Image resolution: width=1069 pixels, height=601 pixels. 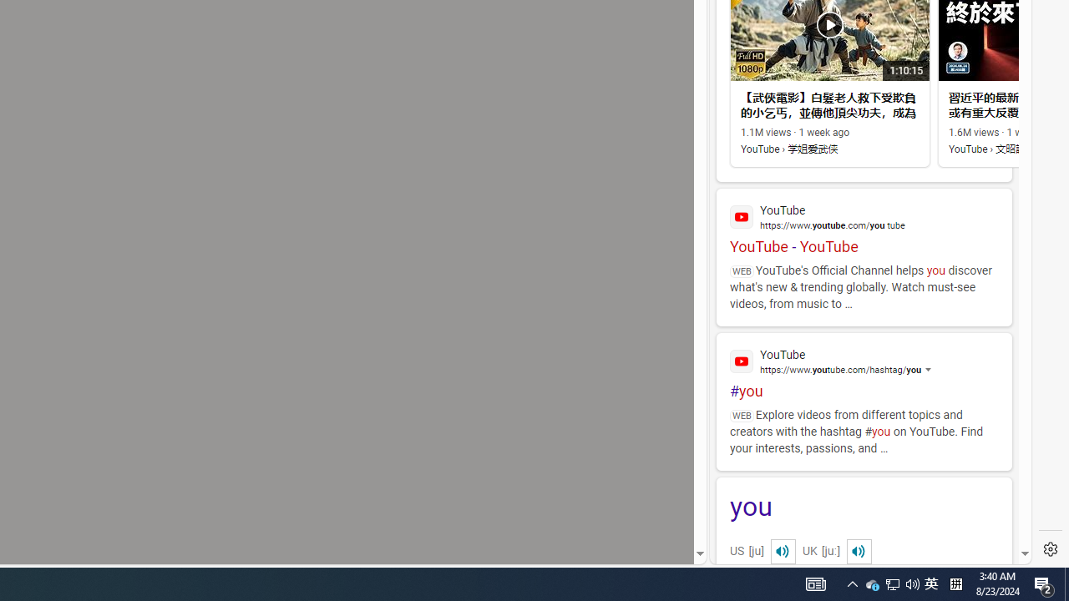 I want to click on 'Global web icon', so click(x=741, y=360).